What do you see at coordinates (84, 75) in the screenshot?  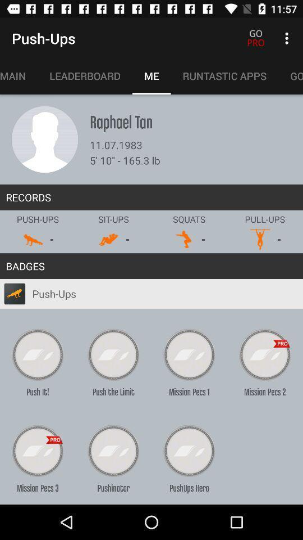 I see `icon to the left of the me item` at bounding box center [84, 75].